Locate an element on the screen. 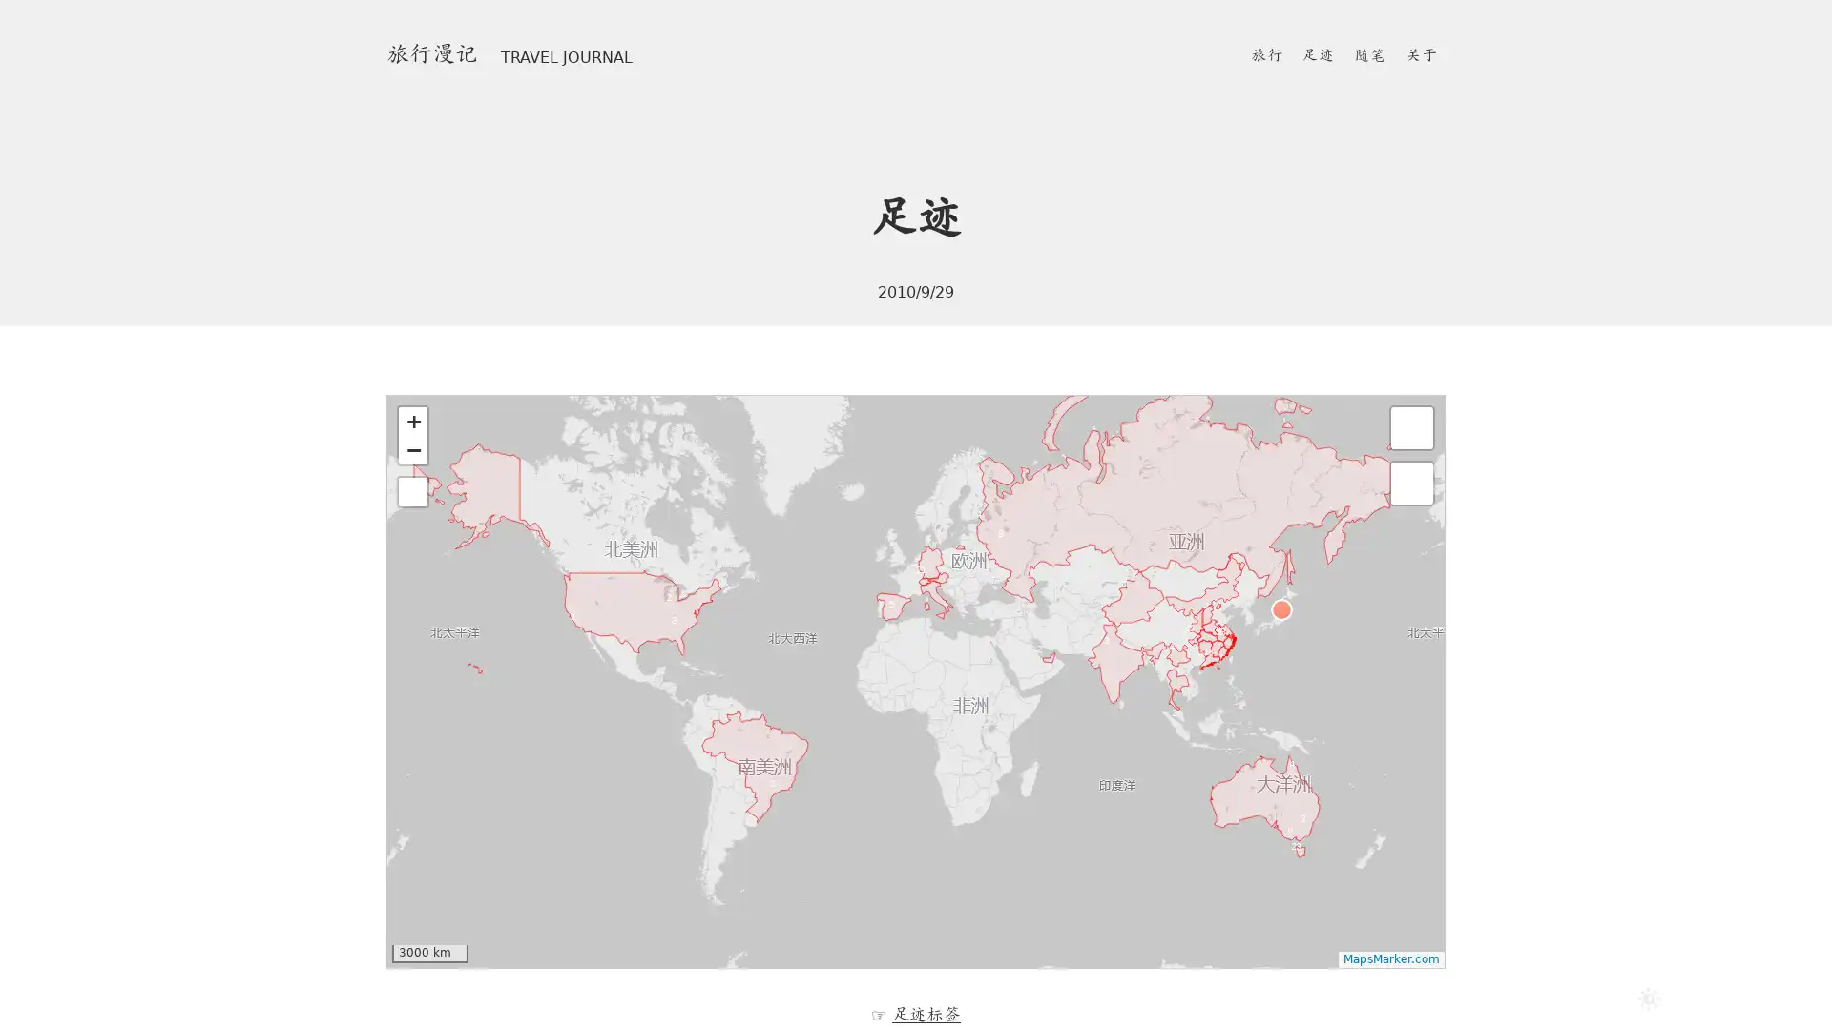 This screenshot has width=1832, height=1030. 8 is located at coordinates (1007, 540).